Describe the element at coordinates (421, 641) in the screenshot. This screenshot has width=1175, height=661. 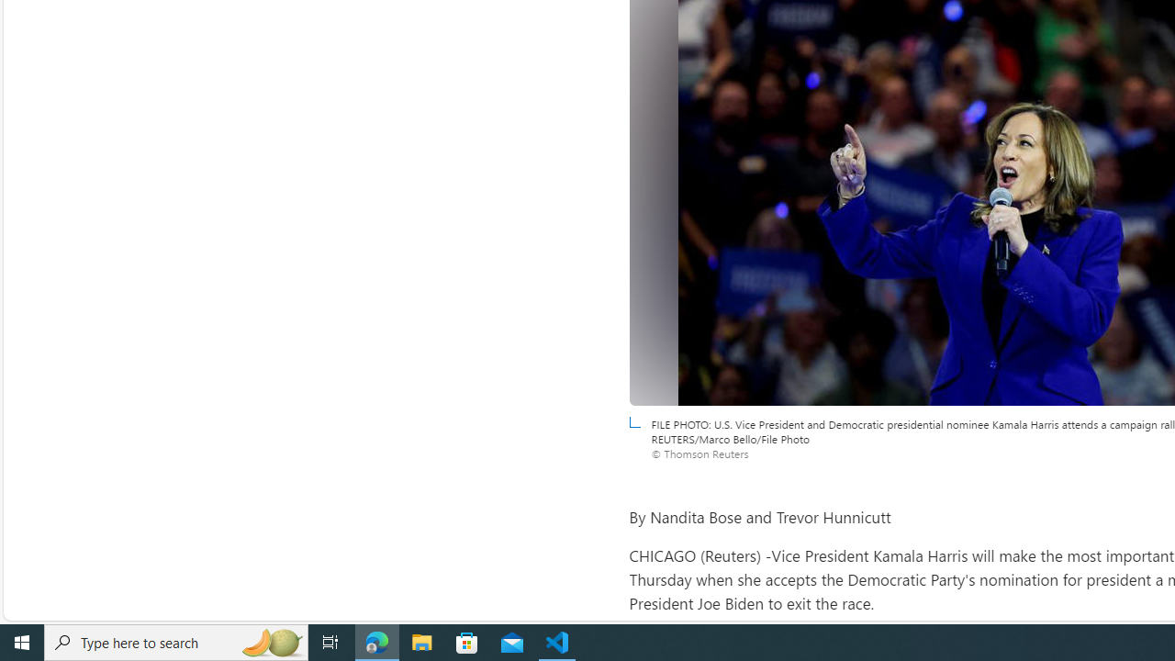
I see `'File Explorer'` at that location.